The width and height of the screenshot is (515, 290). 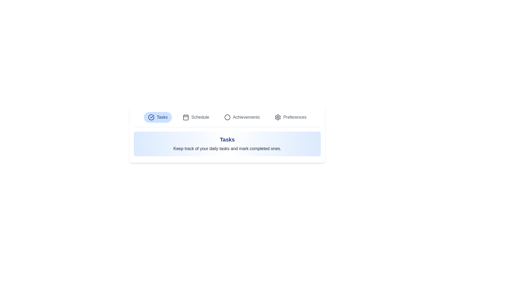 I want to click on the 'Tasks' tab in the Horizontal Navigation Bar, so click(x=227, y=119).